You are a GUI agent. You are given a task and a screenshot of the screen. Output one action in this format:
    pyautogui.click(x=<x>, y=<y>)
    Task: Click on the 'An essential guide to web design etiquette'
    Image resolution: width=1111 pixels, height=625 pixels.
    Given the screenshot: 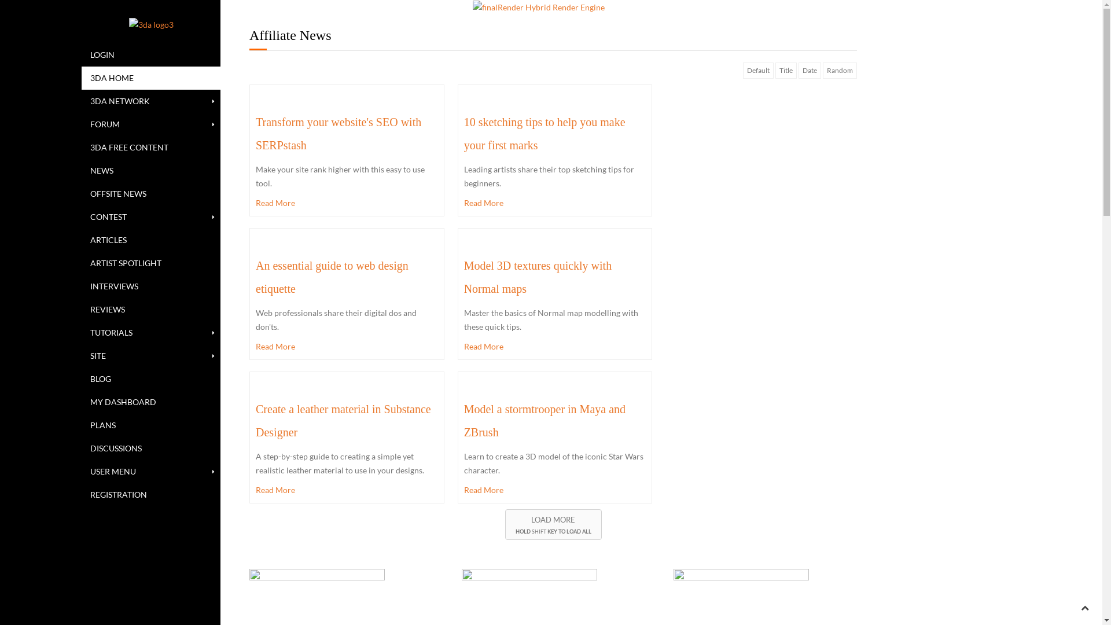 What is the action you would take?
    pyautogui.click(x=332, y=277)
    